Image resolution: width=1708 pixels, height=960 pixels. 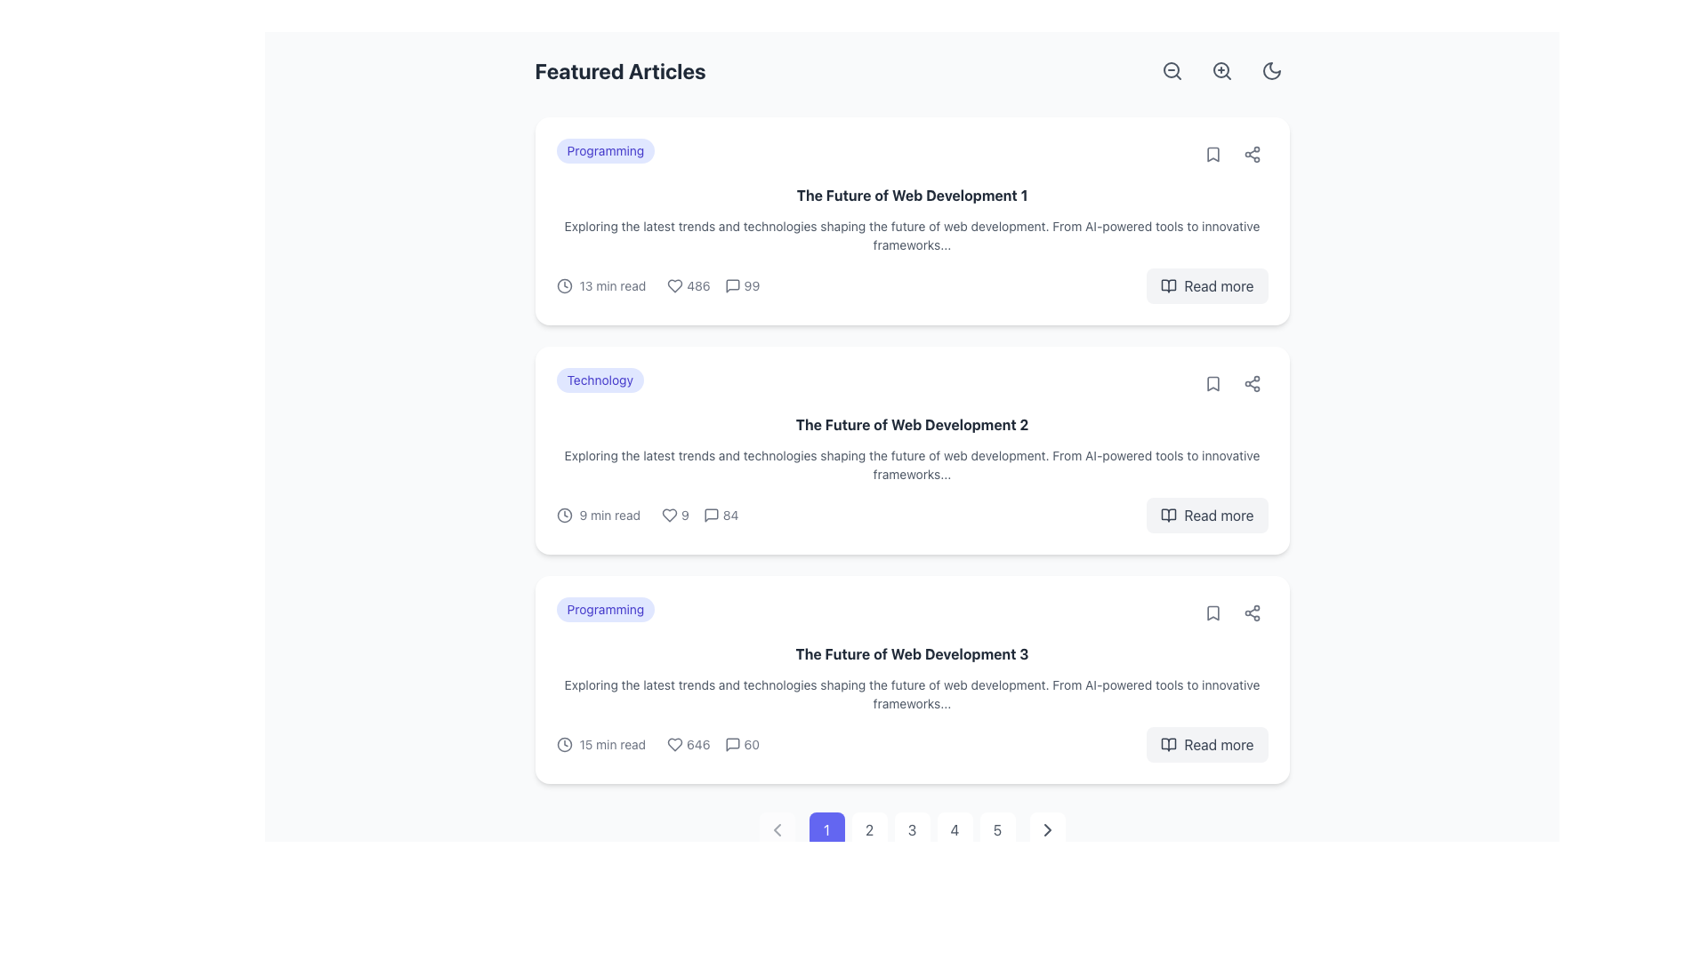 I want to click on the icon button resembling a share symbol located in the top-right corner of the first article card under the 'Featured Articles' heading, so click(x=1251, y=153).